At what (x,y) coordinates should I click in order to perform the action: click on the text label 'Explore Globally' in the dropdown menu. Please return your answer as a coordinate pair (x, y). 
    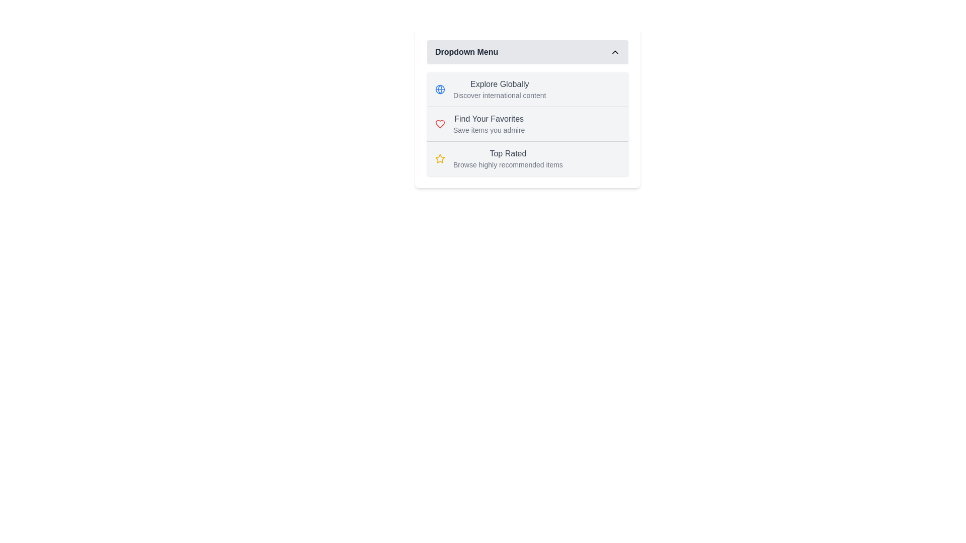
    Looking at the image, I should click on (500, 88).